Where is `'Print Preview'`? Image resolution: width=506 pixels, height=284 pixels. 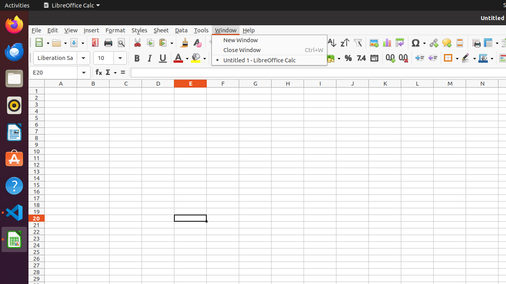
'Print Preview' is located at coordinates (121, 43).